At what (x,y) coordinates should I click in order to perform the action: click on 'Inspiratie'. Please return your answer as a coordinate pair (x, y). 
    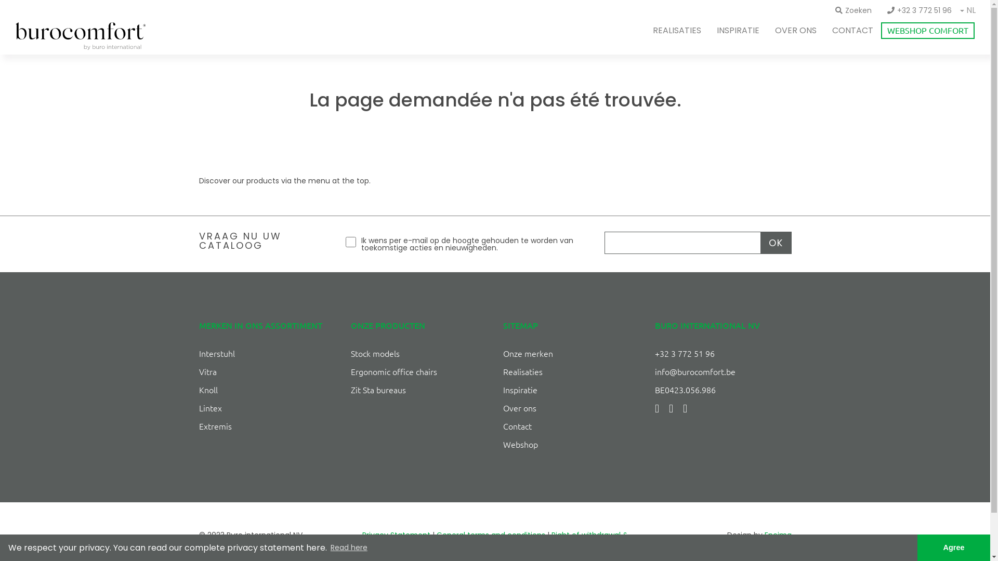
    Looking at the image, I should click on (520, 389).